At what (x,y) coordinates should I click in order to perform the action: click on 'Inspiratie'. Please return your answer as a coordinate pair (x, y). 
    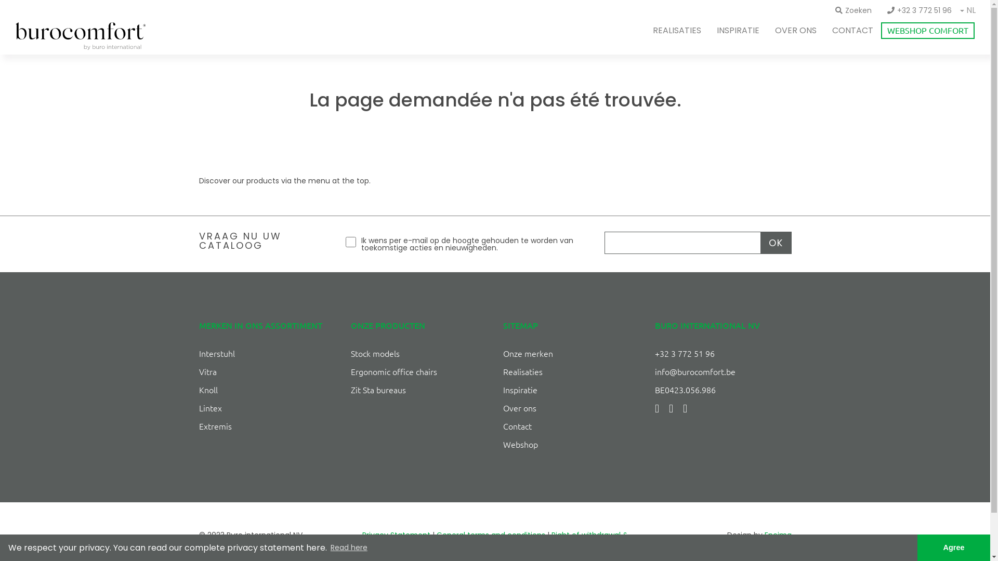
    Looking at the image, I should click on (520, 389).